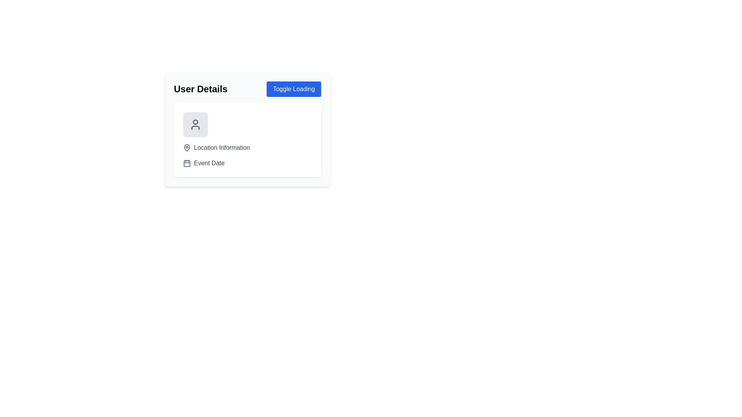 The image size is (742, 417). Describe the element at coordinates (195, 122) in the screenshot. I see `the decorative circular graphical element located slightly above the midpoint of the user icon` at that location.